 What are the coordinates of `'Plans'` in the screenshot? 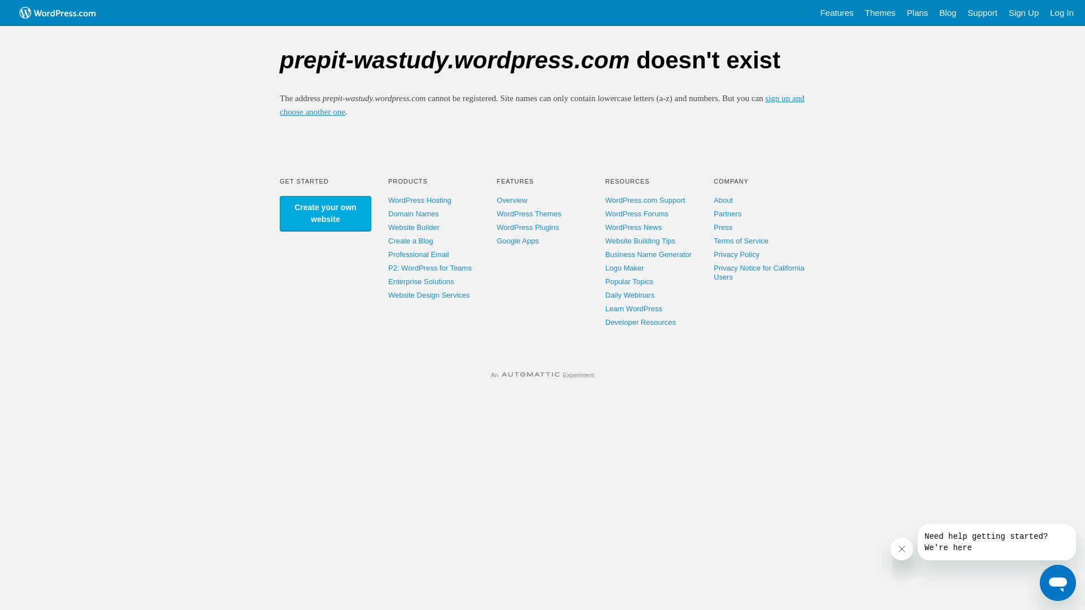 It's located at (900, 13).